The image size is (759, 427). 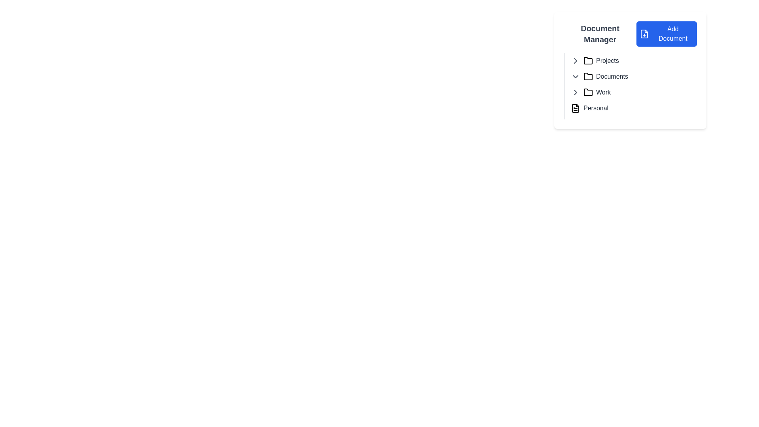 What do you see at coordinates (600, 33) in the screenshot?
I see `text label styled in bold font and large size that says 'Document Manager', which is located near the top-left corner of a white panel` at bounding box center [600, 33].